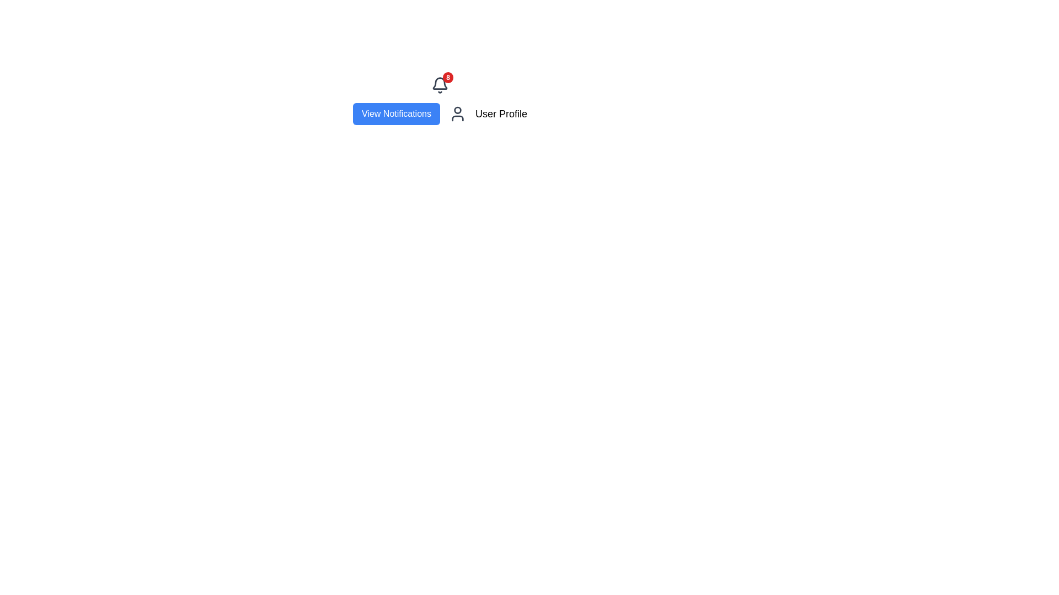 This screenshot has width=1059, height=595. I want to click on the Notification badge, a small circular badge with a red background and white text displaying the number '8', located at the top-right corner of the notification bell icon, so click(448, 77).